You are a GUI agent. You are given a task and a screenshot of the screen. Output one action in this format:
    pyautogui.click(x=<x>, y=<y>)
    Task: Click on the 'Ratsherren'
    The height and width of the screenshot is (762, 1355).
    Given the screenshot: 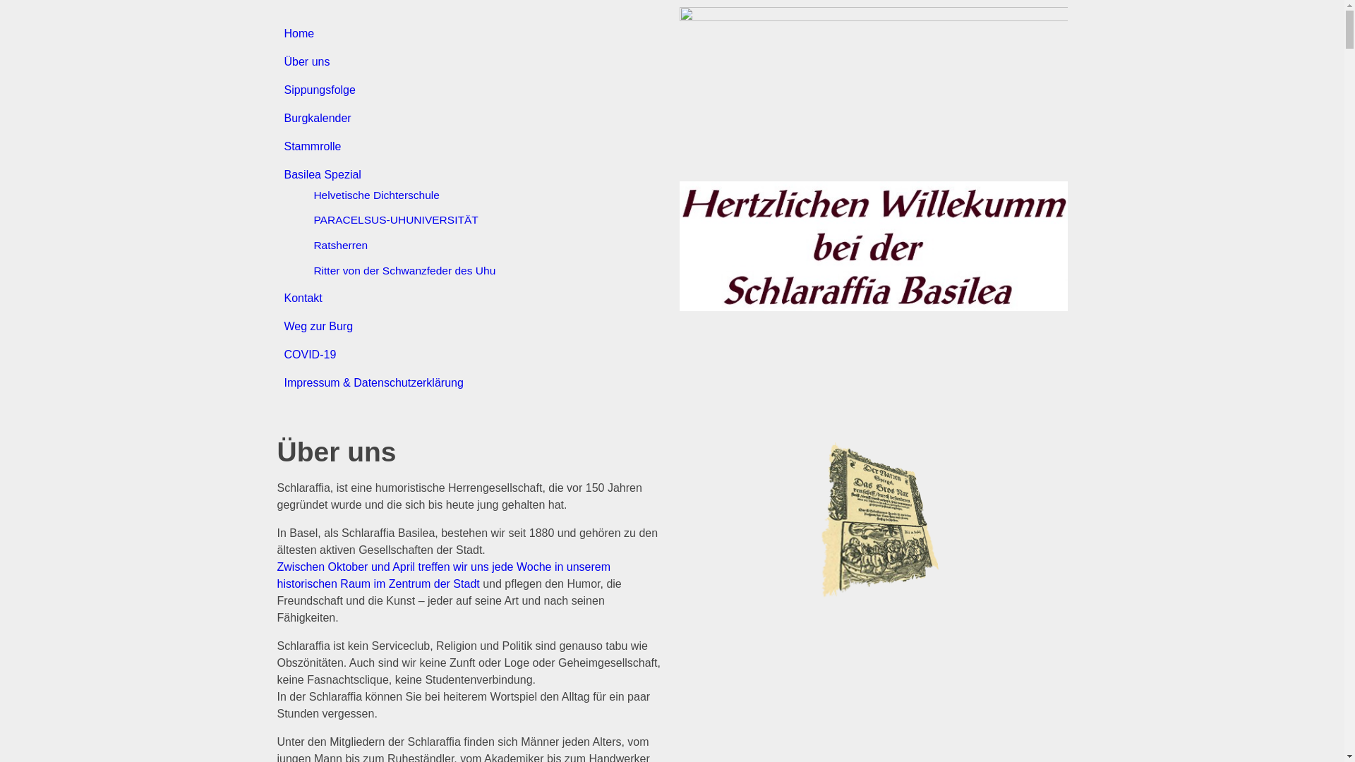 What is the action you would take?
    pyautogui.click(x=340, y=244)
    